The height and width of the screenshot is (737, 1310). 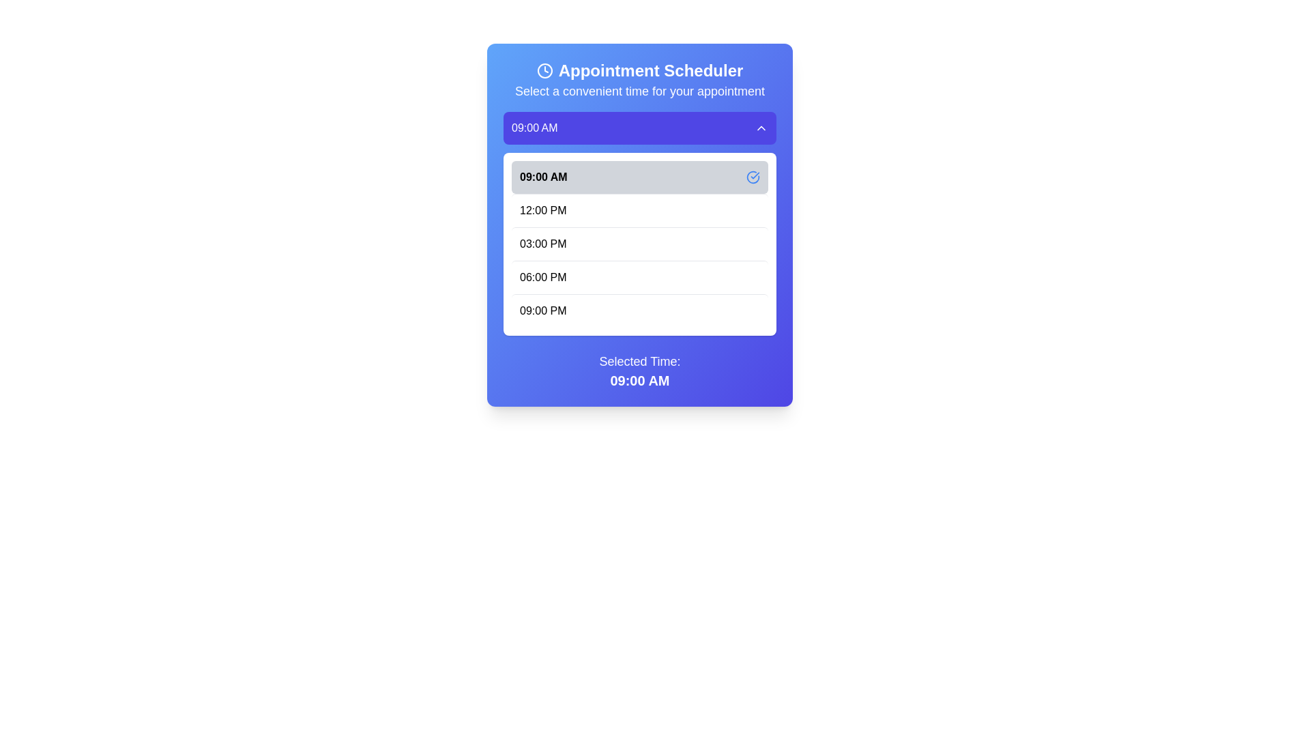 I want to click on the small upward-pointing chevron icon, so click(x=761, y=128).